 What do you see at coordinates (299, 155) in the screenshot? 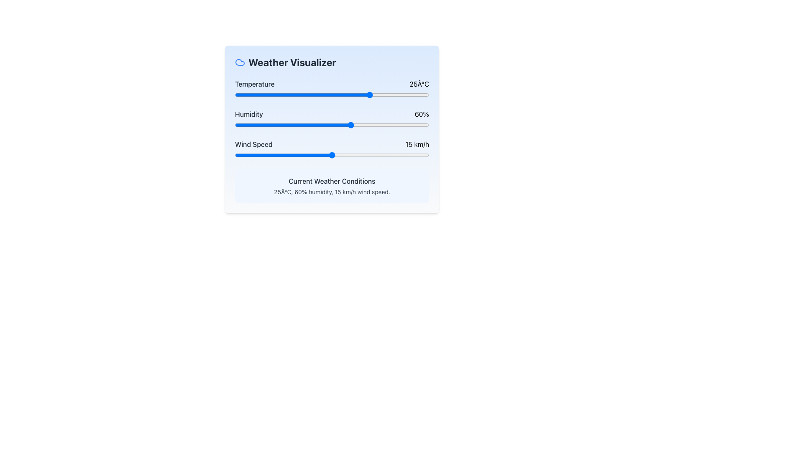
I see `wind speed` at bounding box center [299, 155].